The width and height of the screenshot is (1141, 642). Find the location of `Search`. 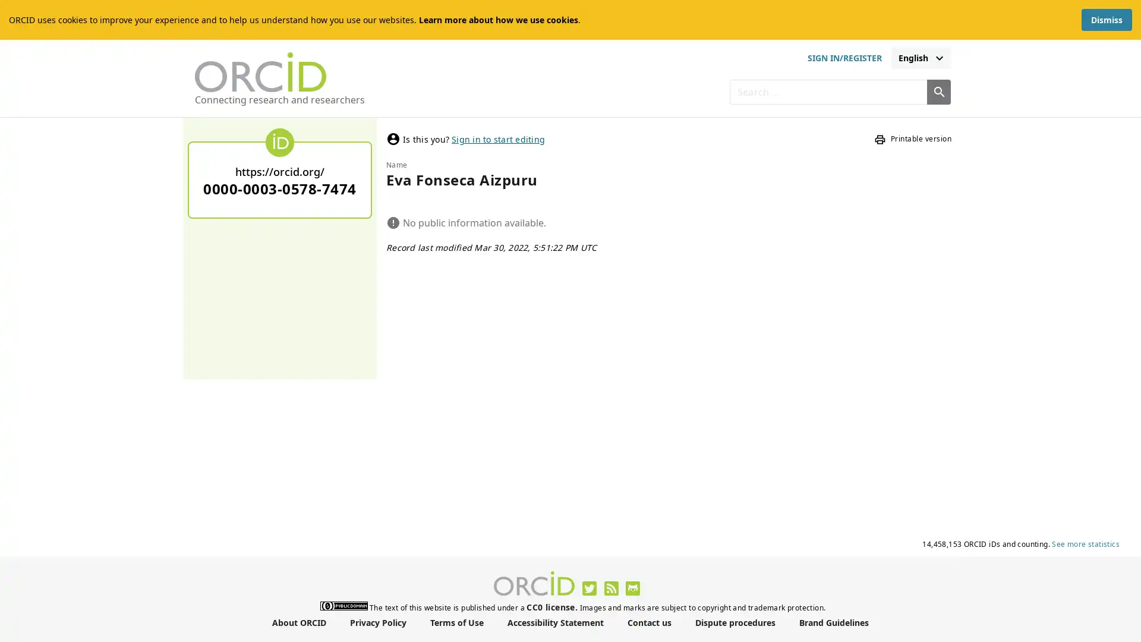

Search is located at coordinates (938, 91).